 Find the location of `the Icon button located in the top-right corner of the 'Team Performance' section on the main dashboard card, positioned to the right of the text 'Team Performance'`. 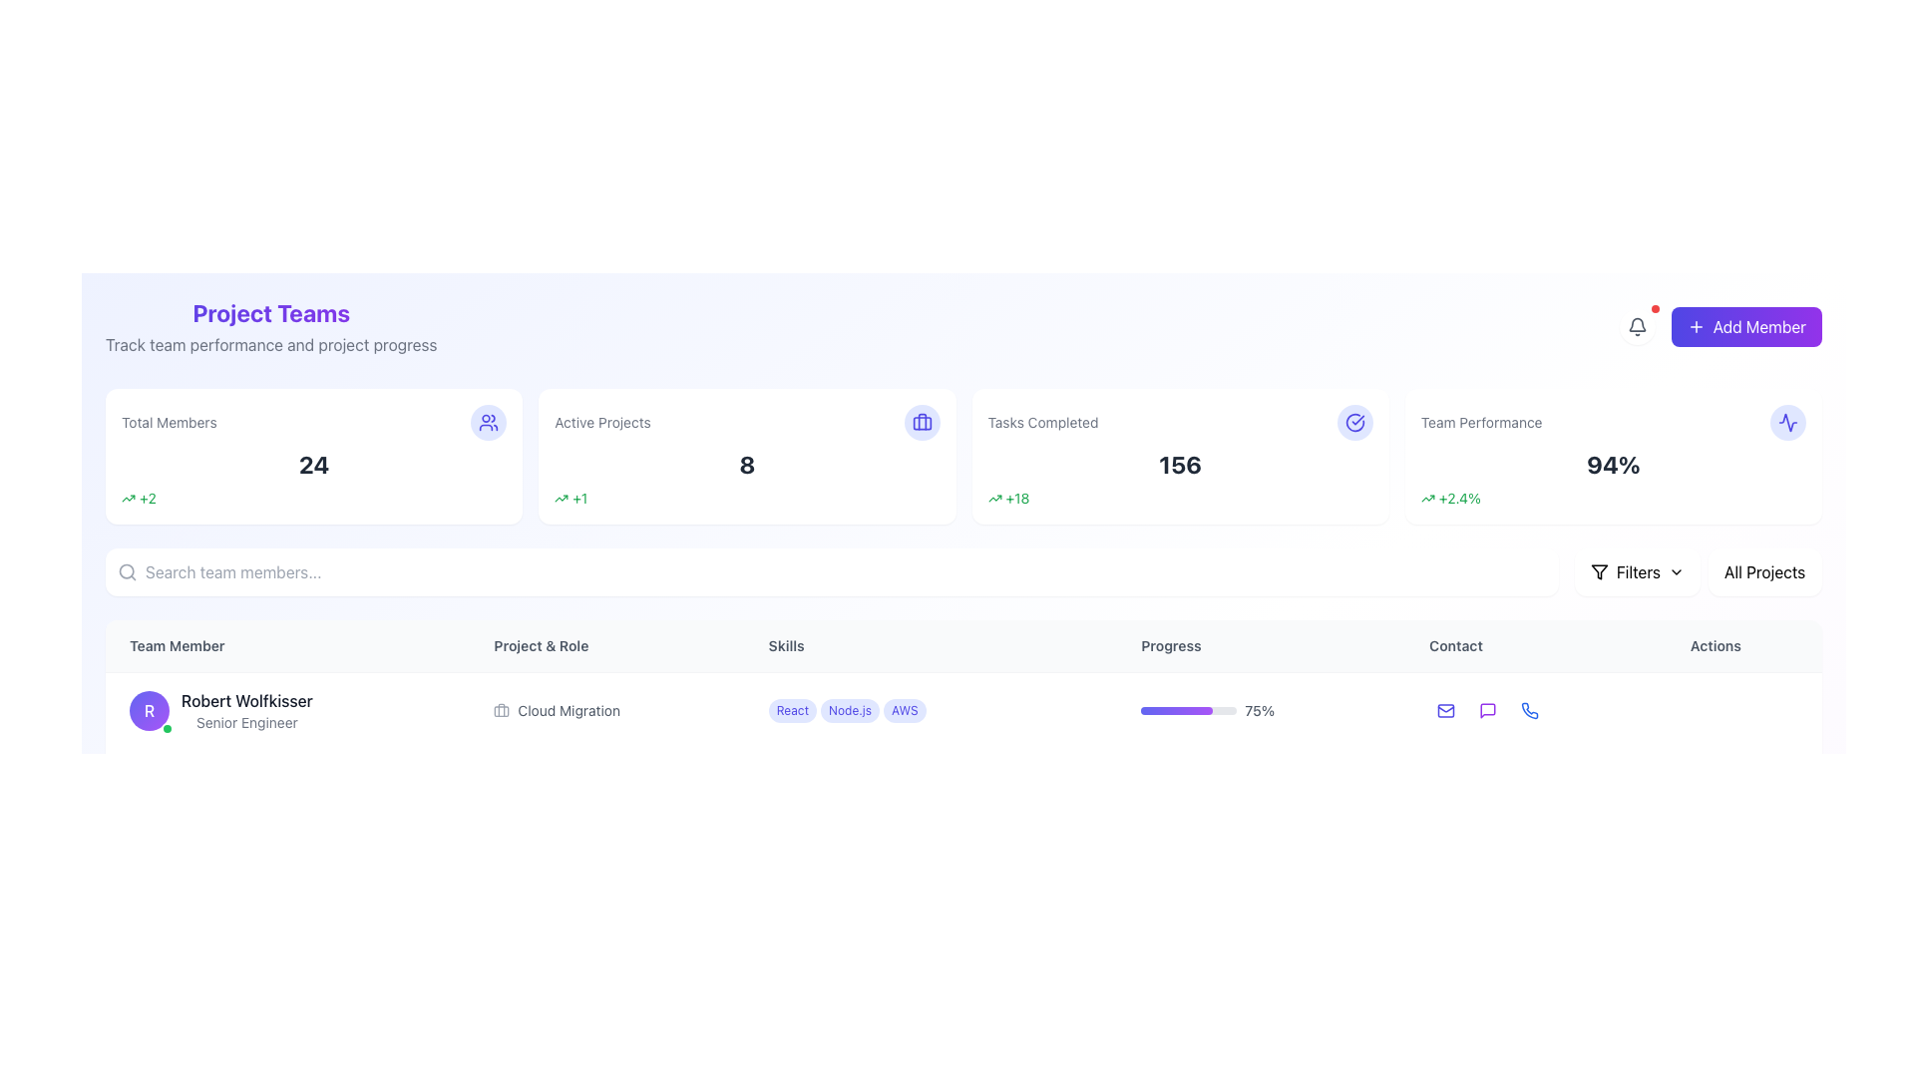

the Icon button located in the top-right corner of the 'Team Performance' section on the main dashboard card, positioned to the right of the text 'Team Performance' is located at coordinates (1788, 422).